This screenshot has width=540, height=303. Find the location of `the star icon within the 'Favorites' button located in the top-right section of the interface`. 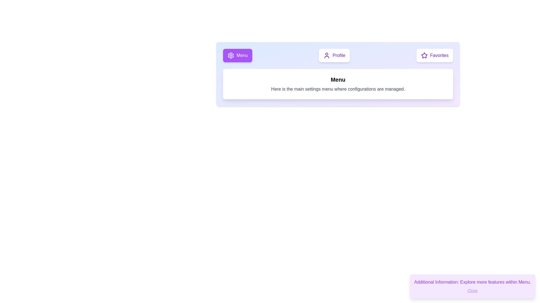

the star icon within the 'Favorites' button located in the top-right section of the interface is located at coordinates (424, 55).